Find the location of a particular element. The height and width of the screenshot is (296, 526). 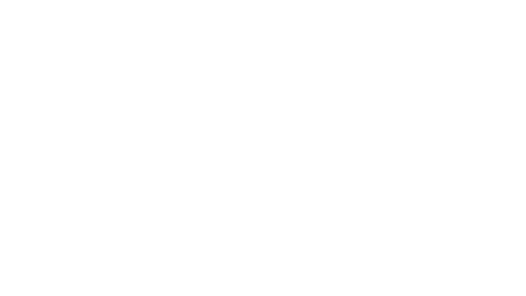

Meta Quest is located at coordinates (223, 19).